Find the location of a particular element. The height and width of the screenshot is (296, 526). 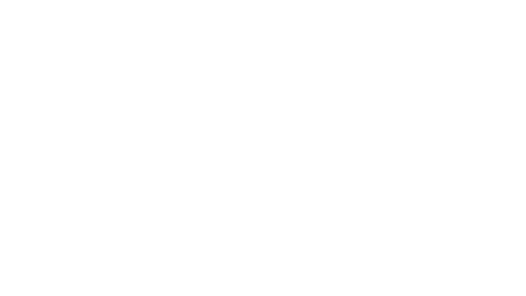

Meta Quest is located at coordinates (223, 19).